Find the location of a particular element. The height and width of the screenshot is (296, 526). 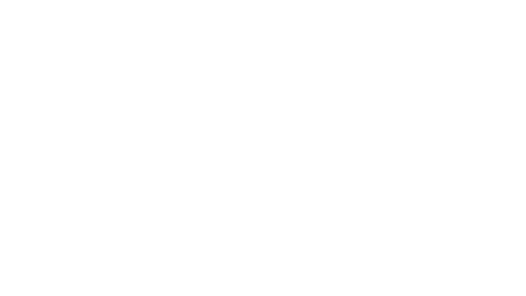

Meta Quest is located at coordinates (223, 19).